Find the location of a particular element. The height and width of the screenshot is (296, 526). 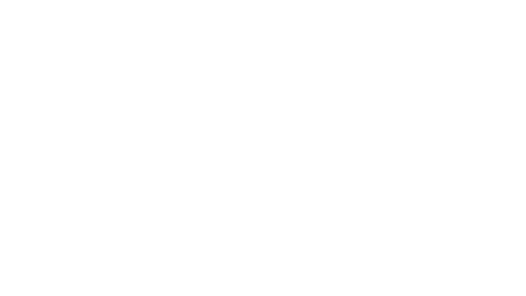

Meta Quest is located at coordinates (223, 19).